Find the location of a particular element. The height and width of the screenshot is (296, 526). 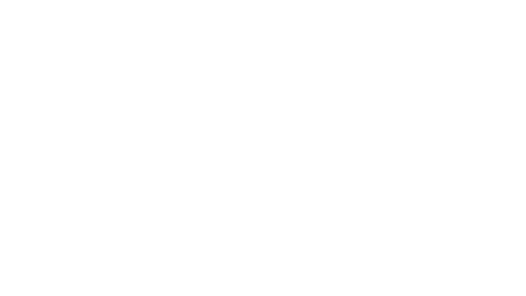

Meta Quest is located at coordinates (223, 19).